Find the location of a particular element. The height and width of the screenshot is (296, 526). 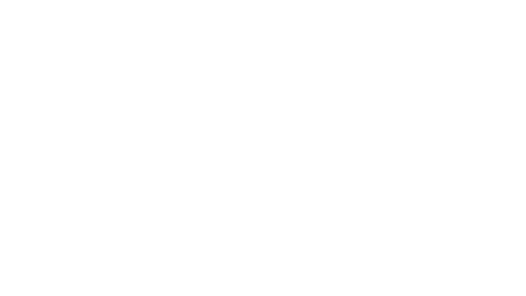

Meta Quest is located at coordinates (223, 19).